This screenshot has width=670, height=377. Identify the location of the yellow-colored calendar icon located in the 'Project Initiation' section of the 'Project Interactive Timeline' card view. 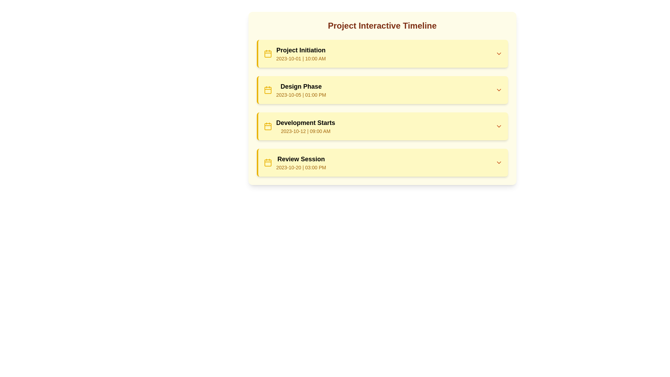
(267, 53).